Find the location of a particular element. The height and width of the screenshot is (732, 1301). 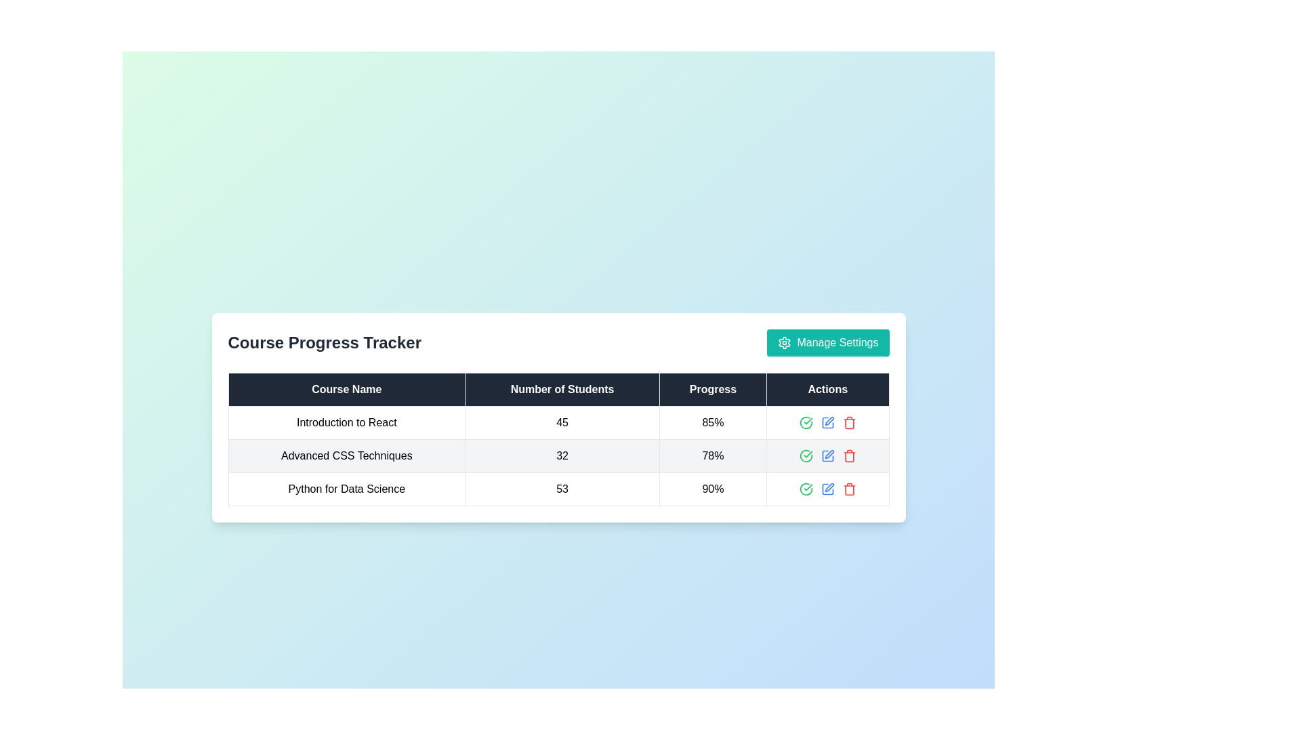

the blue pen icon in the 'Actions' column for 'Advanced CSS Techniques' is located at coordinates (827, 455).